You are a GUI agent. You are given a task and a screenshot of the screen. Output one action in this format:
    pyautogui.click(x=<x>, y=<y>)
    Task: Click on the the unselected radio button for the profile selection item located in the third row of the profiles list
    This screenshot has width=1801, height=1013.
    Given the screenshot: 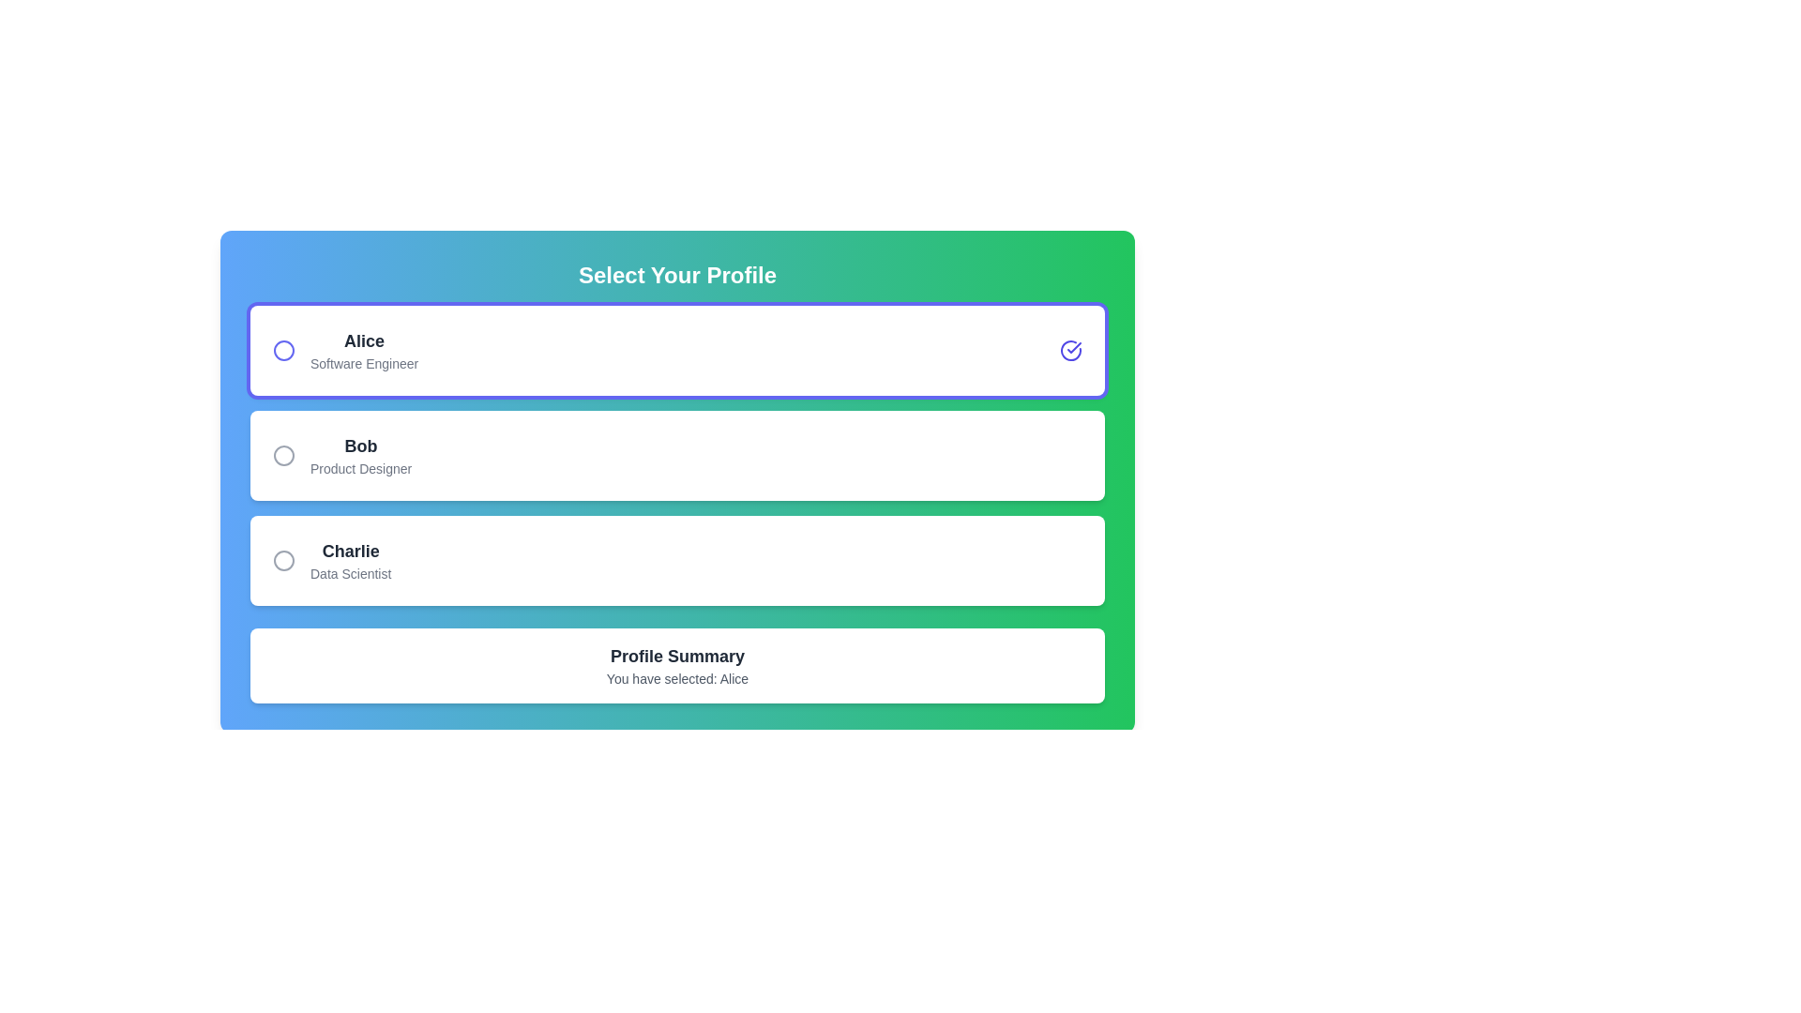 What is the action you would take?
    pyautogui.click(x=332, y=559)
    